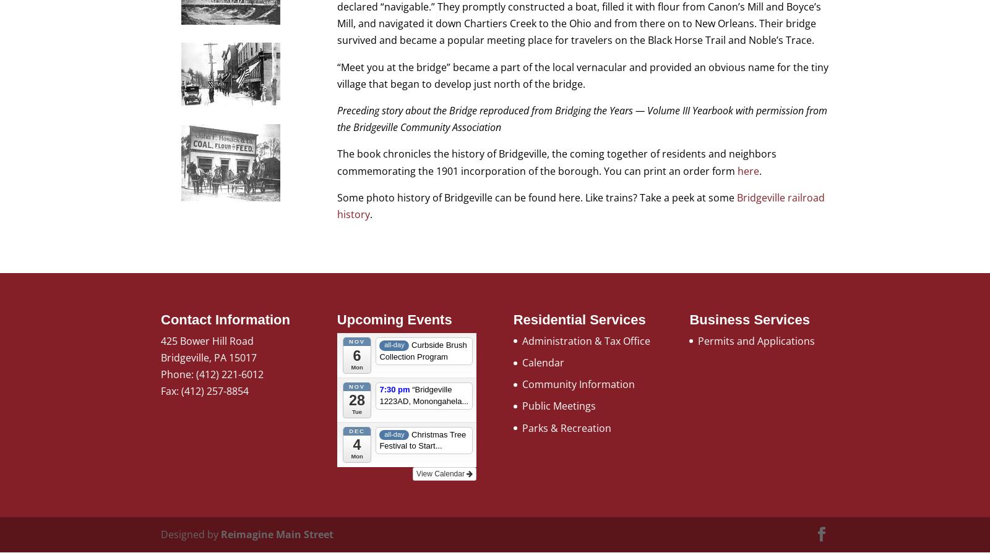  What do you see at coordinates (191, 534) in the screenshot?
I see `'Designed by'` at bounding box center [191, 534].